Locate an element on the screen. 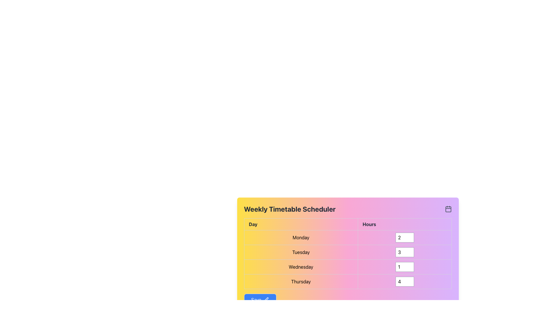 This screenshot has height=311, width=554. to focus on the input field for specifying hours allocated for Wednesday, positioned in the 'Hours' column of the Wednesday row is located at coordinates (404, 267).